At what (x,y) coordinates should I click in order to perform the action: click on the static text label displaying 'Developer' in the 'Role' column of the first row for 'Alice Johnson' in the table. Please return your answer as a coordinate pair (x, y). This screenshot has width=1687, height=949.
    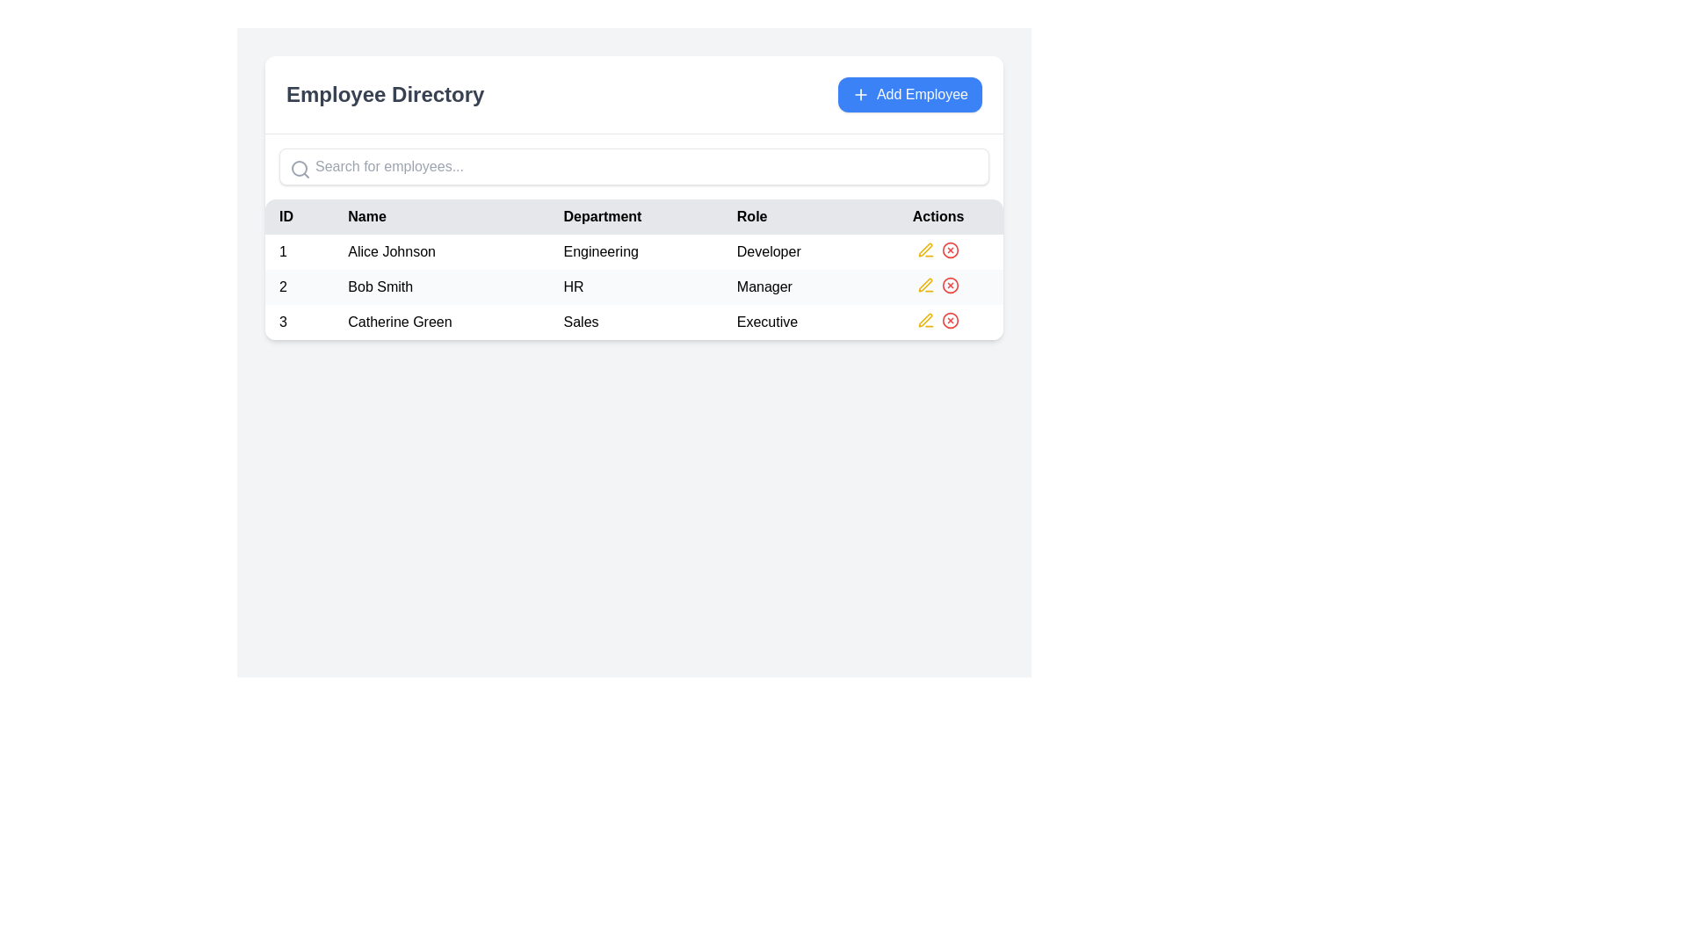
    Looking at the image, I should click on (797, 251).